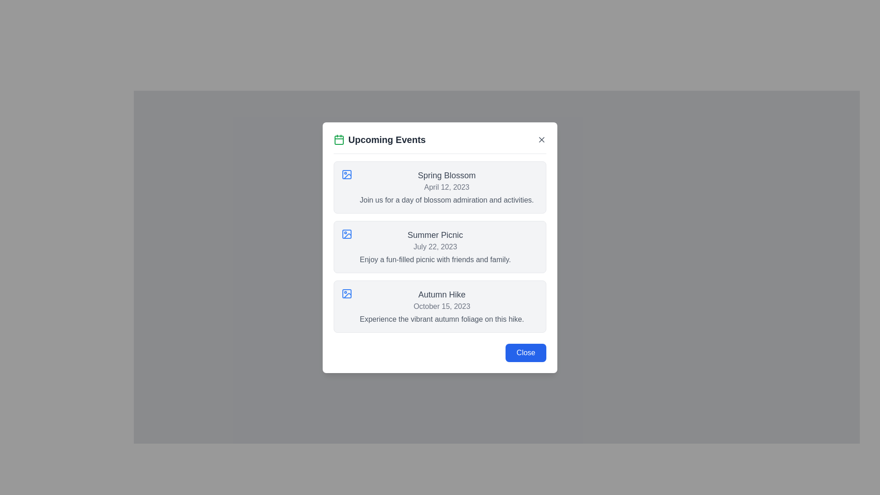 This screenshot has height=495, width=880. Describe the element at coordinates (434, 246) in the screenshot. I see `the descriptive text block of the second event card in the 'Upcoming Events' modal dialog` at that location.